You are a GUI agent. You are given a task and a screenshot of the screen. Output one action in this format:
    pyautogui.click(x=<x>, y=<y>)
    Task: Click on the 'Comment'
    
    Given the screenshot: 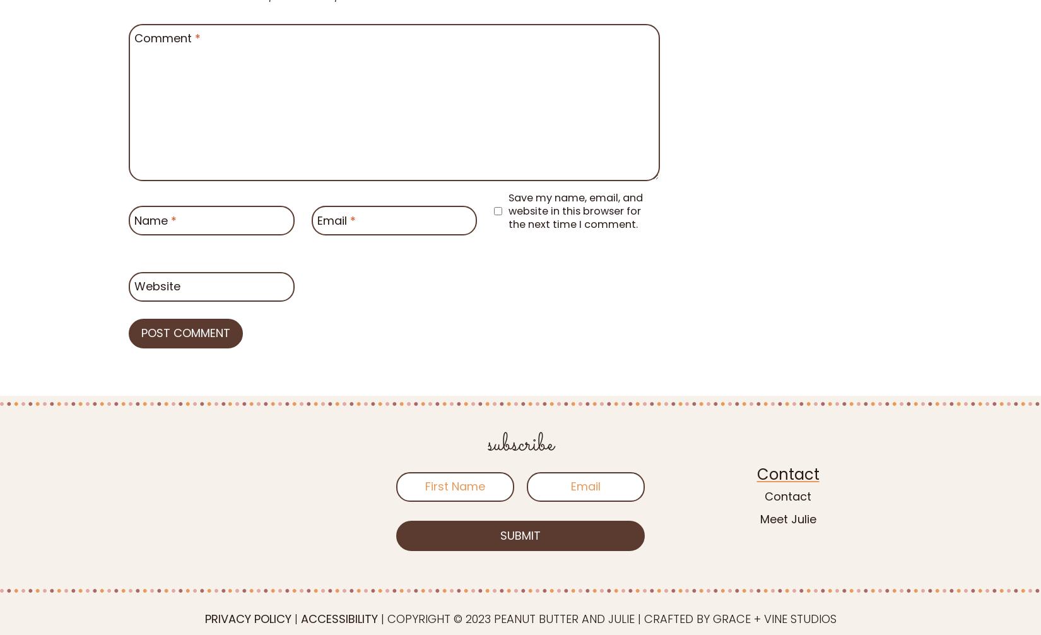 What is the action you would take?
    pyautogui.click(x=165, y=38)
    